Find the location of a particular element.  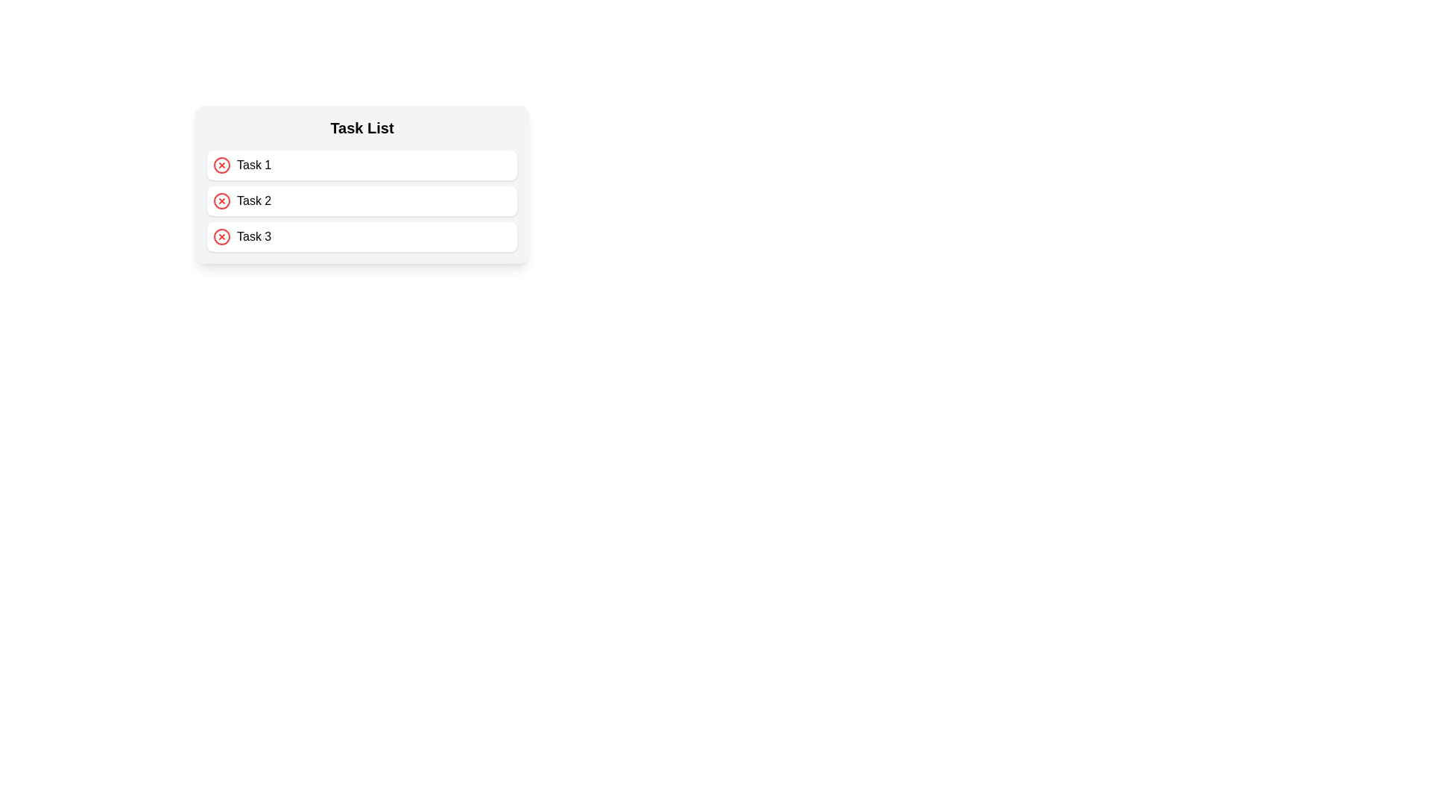

the circular background of the cancel or delete button associated with 'Task 1' is located at coordinates (221, 165).